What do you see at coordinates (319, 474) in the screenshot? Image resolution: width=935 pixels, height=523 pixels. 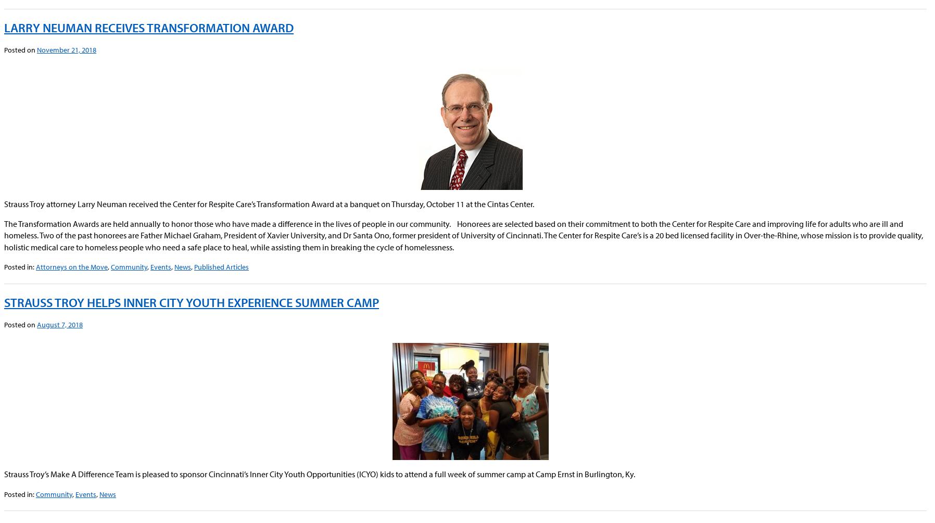 I see `'Strauss Troy’s Make A Difference Team is pleased to sponsor Cincinnati’s Inner City Youth Opportunities (ICYO) kids to attend a full week of summer camp at Camp Ernst in Burlington, Ky.'` at bounding box center [319, 474].